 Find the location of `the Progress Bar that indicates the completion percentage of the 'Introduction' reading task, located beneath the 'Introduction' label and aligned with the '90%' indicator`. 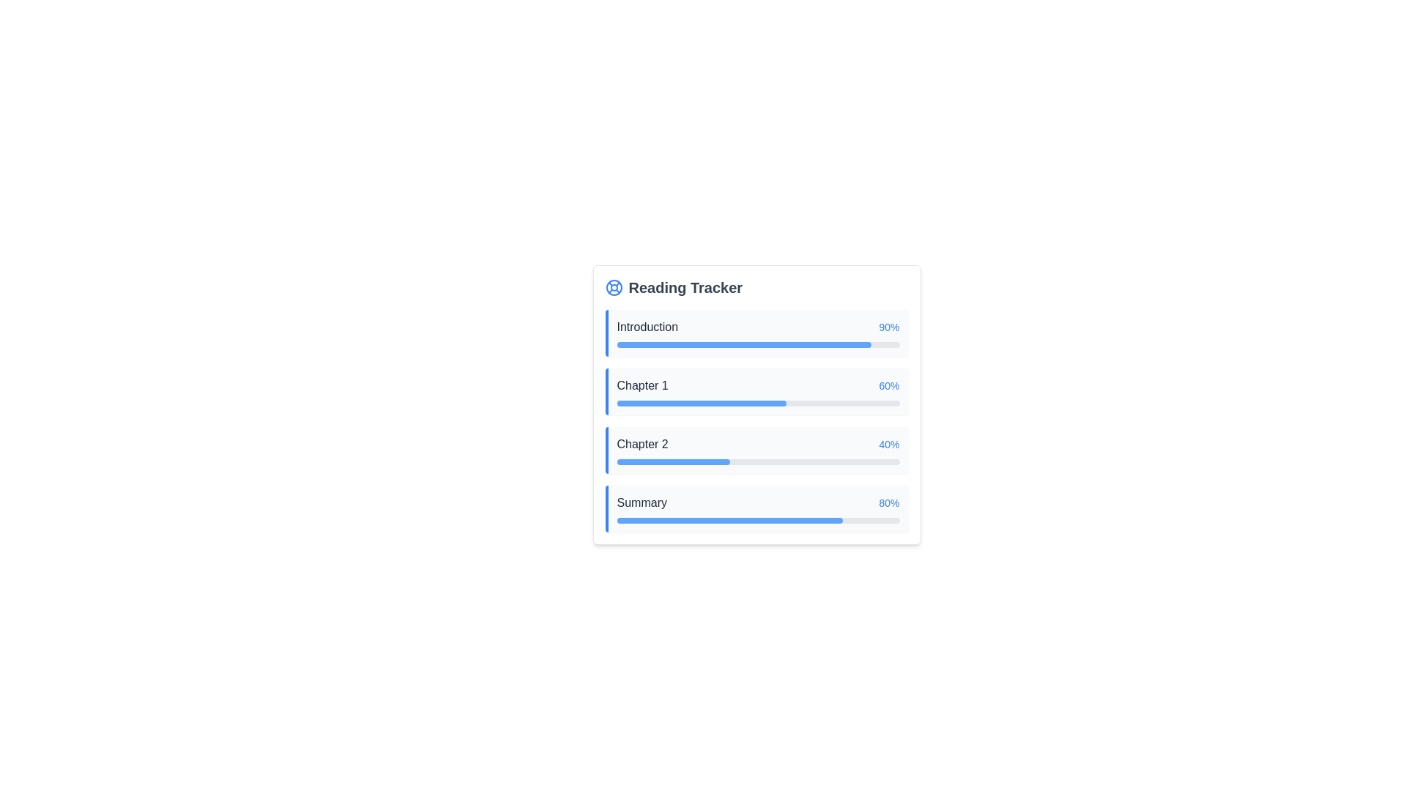

the Progress Bar that indicates the completion percentage of the 'Introduction' reading task, located beneath the 'Introduction' label and aligned with the '90%' indicator is located at coordinates (758, 344).